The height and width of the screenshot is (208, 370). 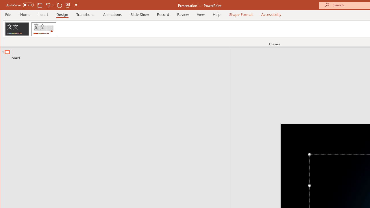 What do you see at coordinates (43, 29) in the screenshot?
I see `'Wood Type'` at bounding box center [43, 29].